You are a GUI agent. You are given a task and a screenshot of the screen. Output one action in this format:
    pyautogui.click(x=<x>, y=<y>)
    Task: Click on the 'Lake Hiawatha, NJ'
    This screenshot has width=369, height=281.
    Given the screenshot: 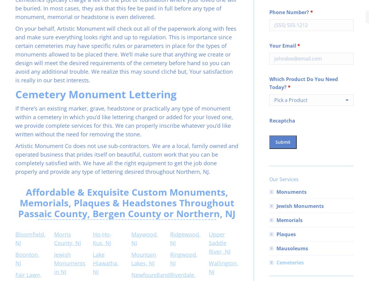 What is the action you would take?
    pyautogui.click(x=105, y=263)
    